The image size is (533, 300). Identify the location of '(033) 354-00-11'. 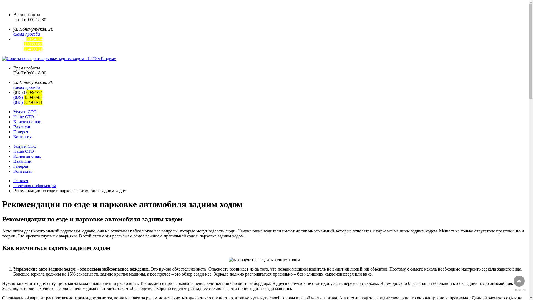
(27, 49).